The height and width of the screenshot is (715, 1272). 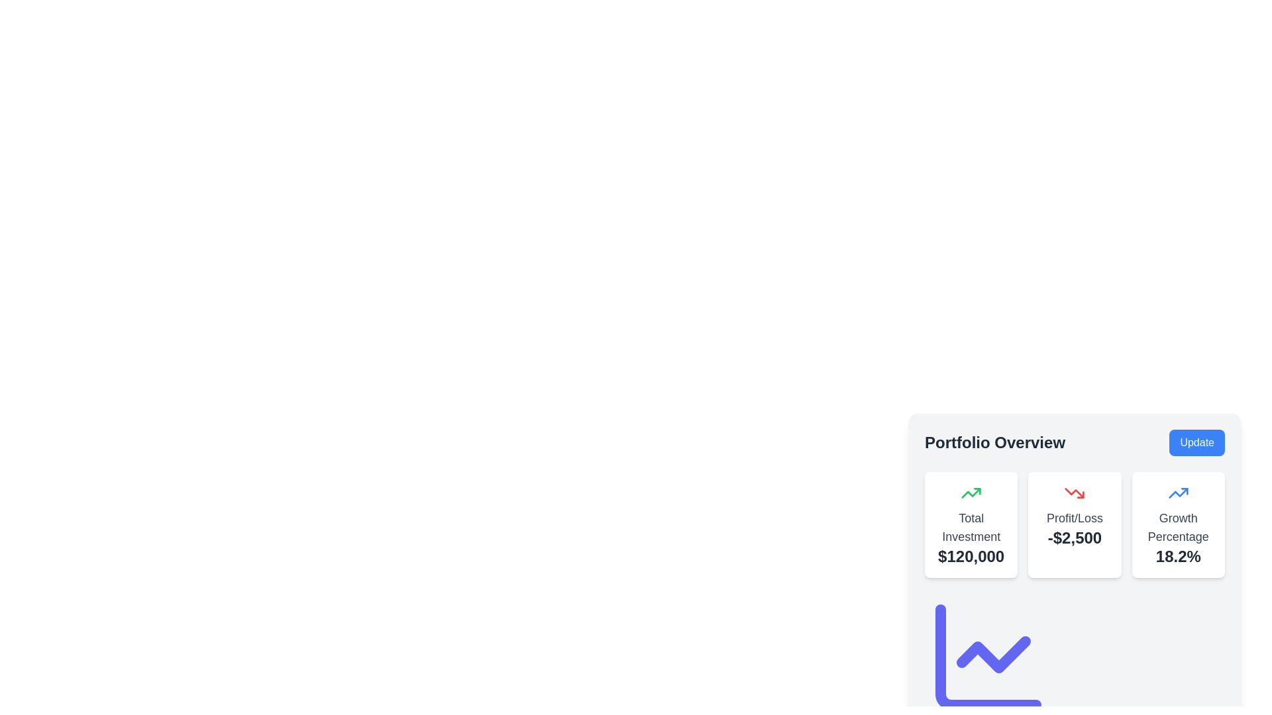 I want to click on the green line graph icon located in the rightmost card of the 'Portfolio Overview' section, which shows a sharp upward trend and is positioned to the leftmost side within its card, so click(x=971, y=493).